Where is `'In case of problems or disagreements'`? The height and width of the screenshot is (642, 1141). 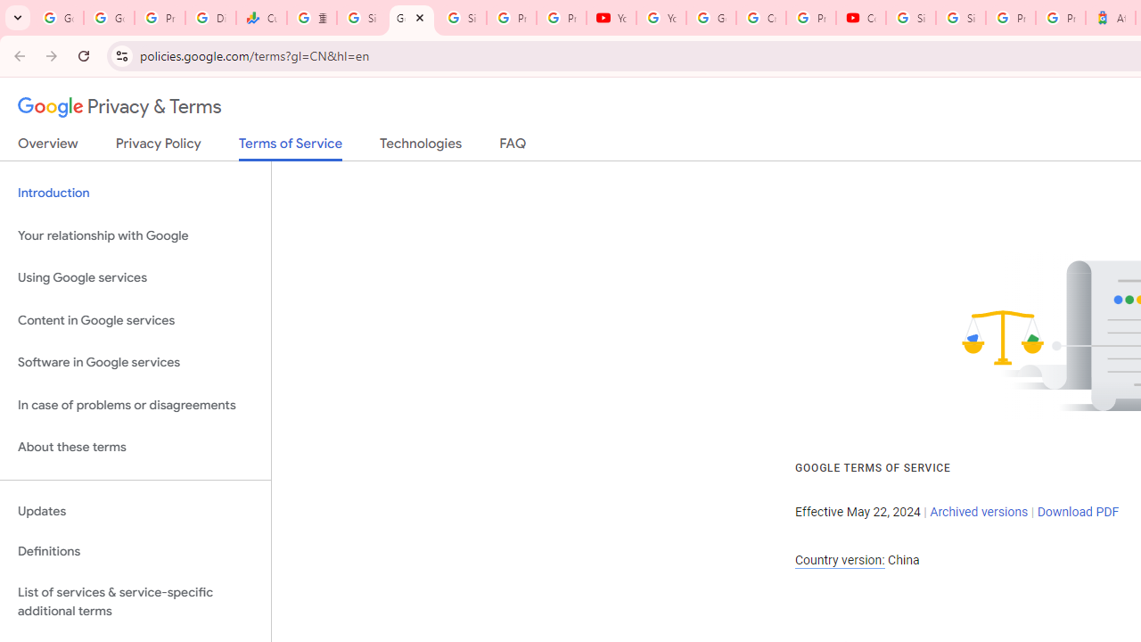
'In case of problems or disagreements' is located at coordinates (135, 405).